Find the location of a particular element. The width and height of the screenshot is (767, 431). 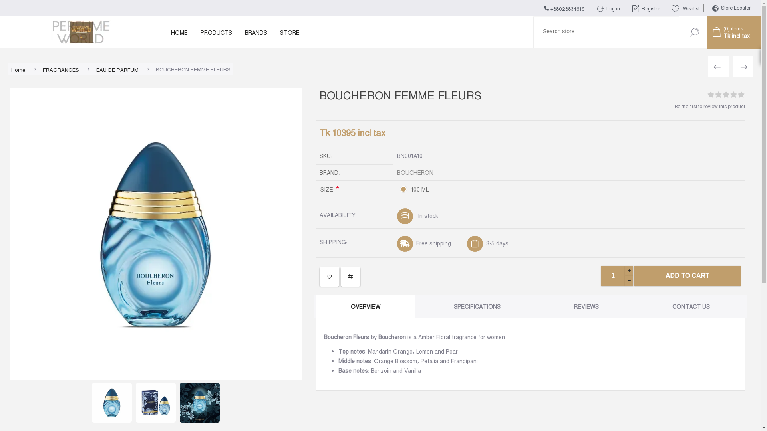

'REVIEWS' is located at coordinates (586, 306).